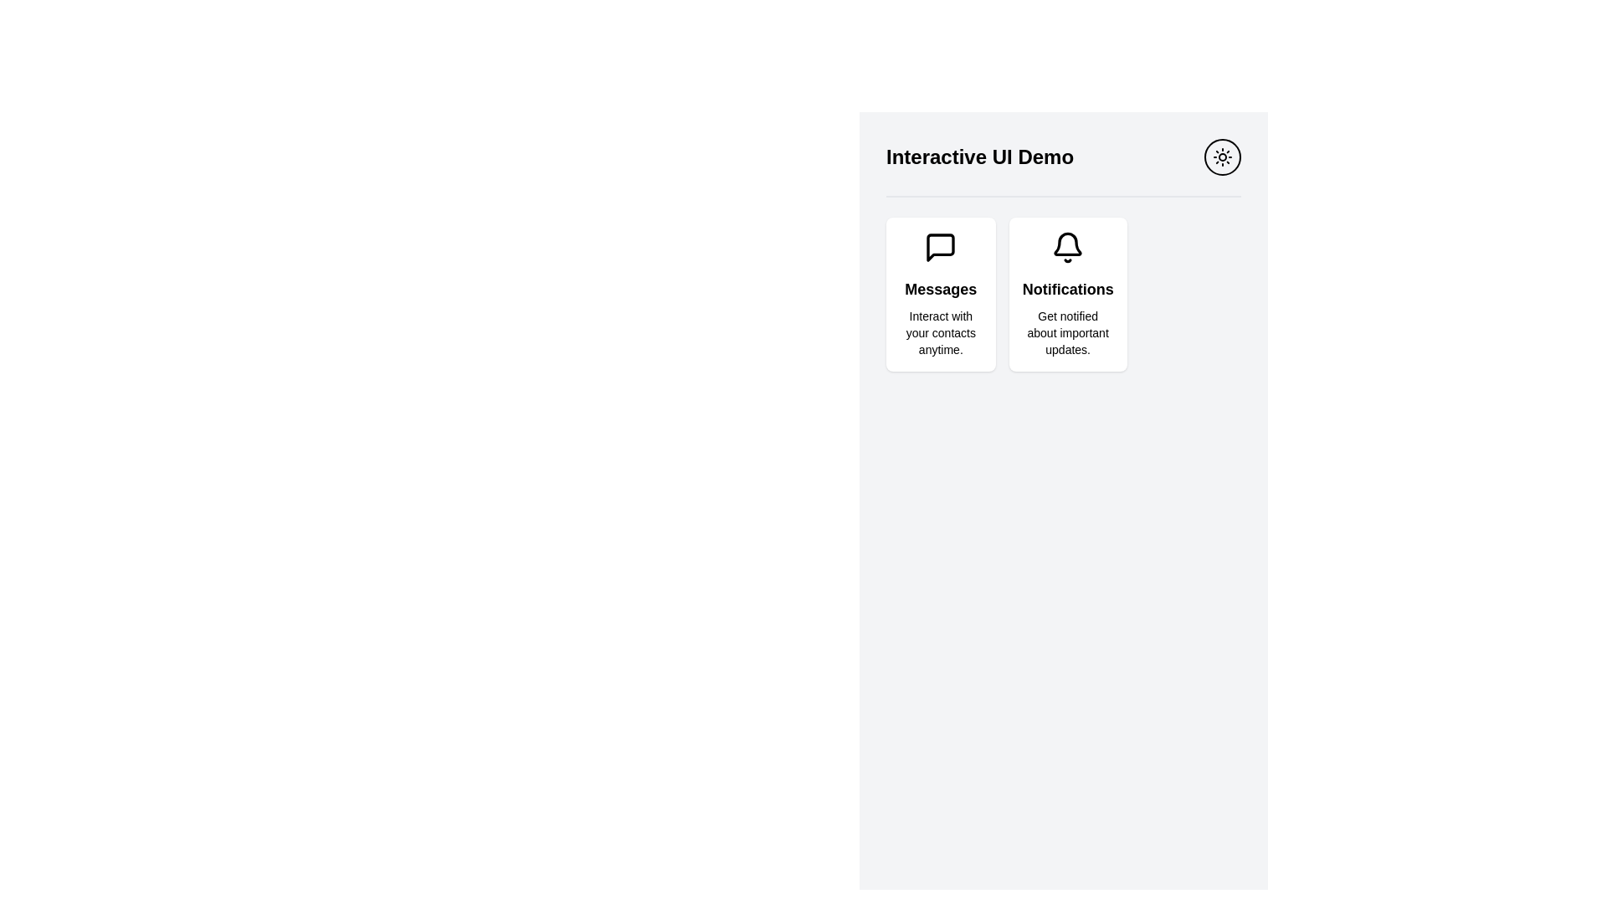  I want to click on the bell icon located at the top center of the 'Notifications' card, which represents notifications or alerts, so click(1067, 248).